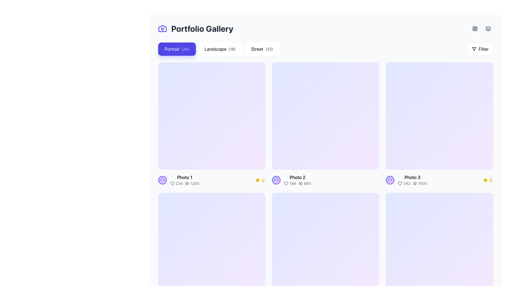 Image resolution: width=529 pixels, height=298 pixels. I want to click on the star-shaped icon, which is filled yellow with a stroke outline, located at the bottom-right corner of the tile for 'Photo 3', so click(257, 180).